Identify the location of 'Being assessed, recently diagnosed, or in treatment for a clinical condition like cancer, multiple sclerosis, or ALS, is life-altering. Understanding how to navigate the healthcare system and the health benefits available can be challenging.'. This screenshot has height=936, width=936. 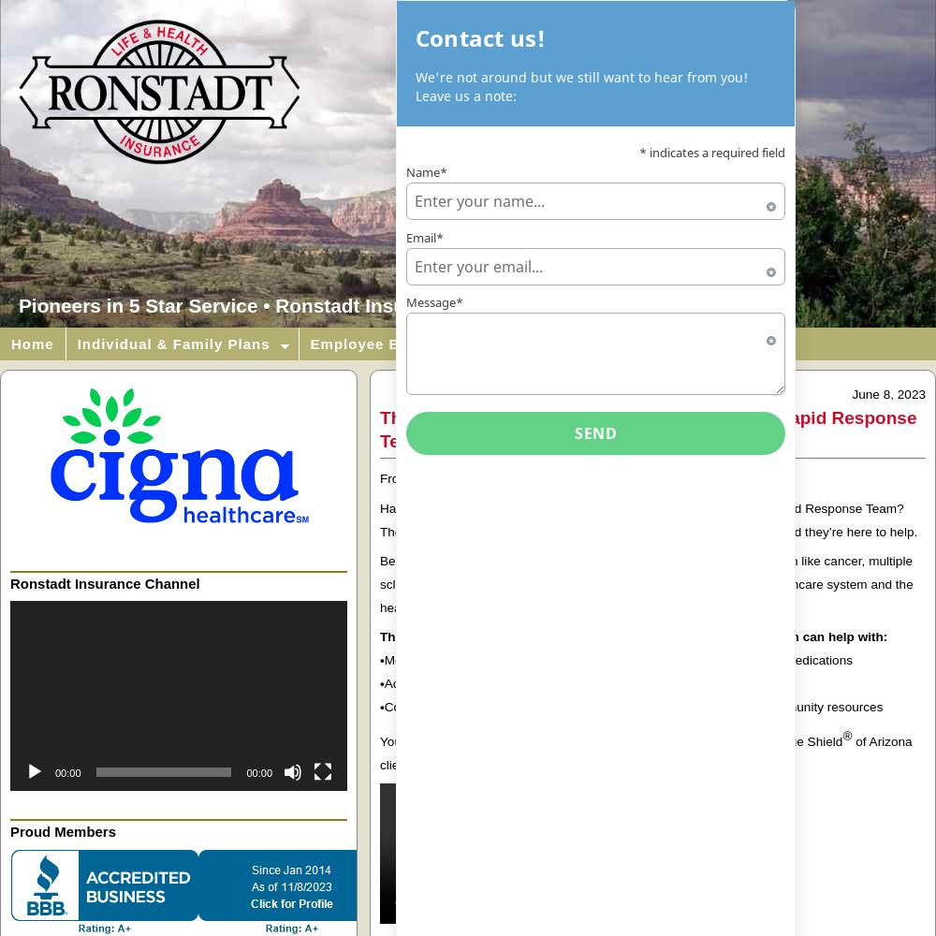
(645, 583).